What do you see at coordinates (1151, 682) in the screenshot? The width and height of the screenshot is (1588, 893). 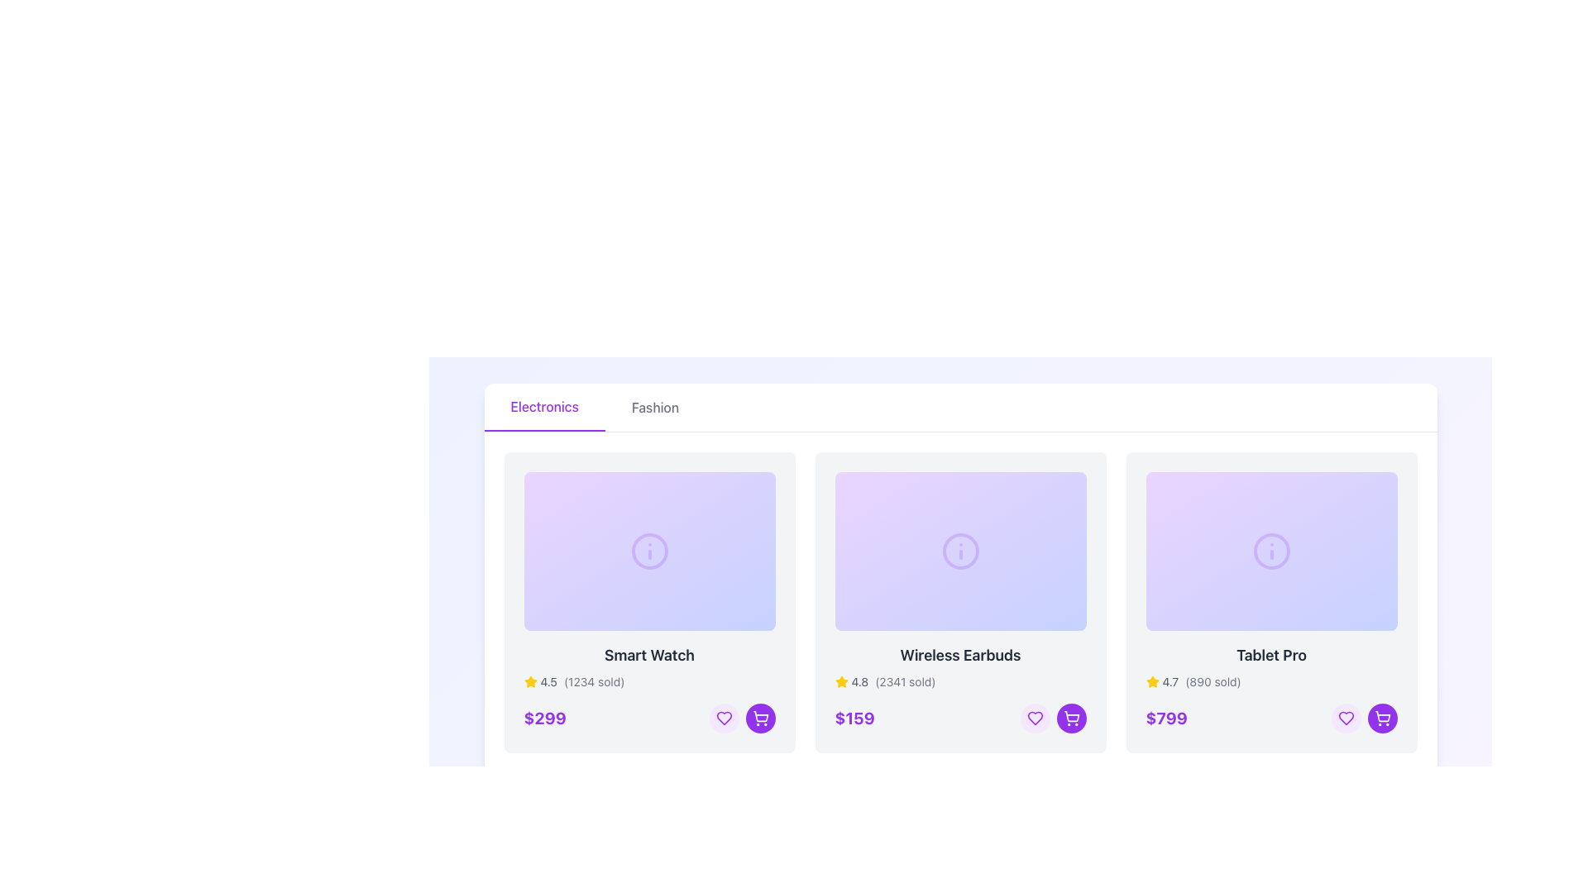 I see `the star rating icon that visually indicates the average product rating for the 'Tablet Pro' item, positioned to the left of the rating text '4.7'` at bounding box center [1151, 682].